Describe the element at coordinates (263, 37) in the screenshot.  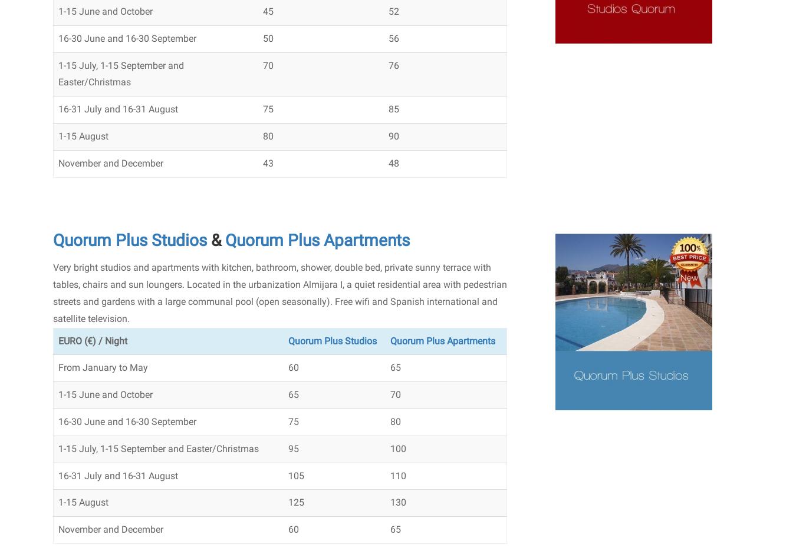
I see `'50'` at that location.